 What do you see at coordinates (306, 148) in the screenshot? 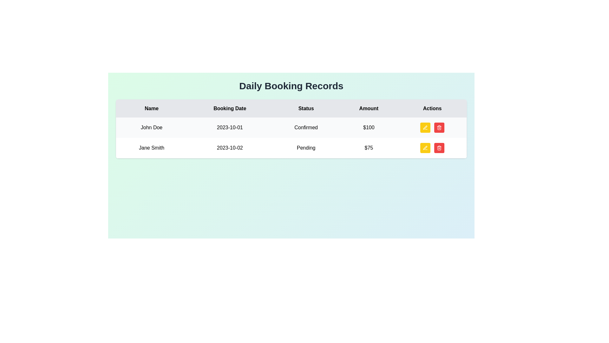
I see `the 'Pending' status text label in the 'Status' column of the 'Daily Booking Records' table, located between '2023-10-02' and '$75'` at bounding box center [306, 148].